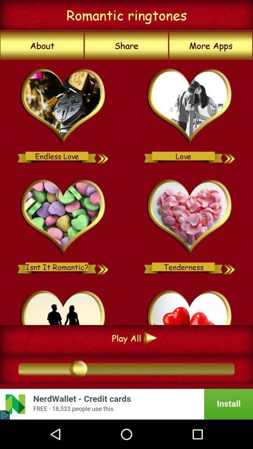  Describe the element at coordinates (63, 305) in the screenshot. I see `app icon` at that location.